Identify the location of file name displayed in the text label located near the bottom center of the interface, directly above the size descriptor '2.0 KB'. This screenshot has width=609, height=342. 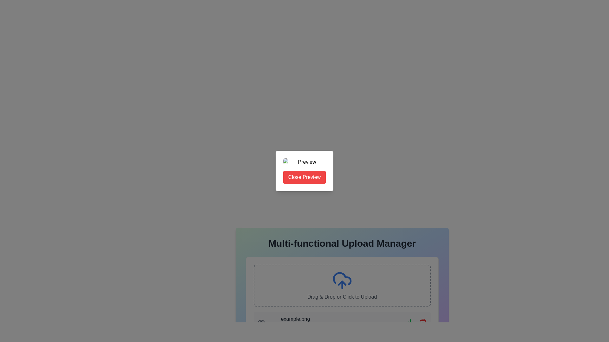
(295, 319).